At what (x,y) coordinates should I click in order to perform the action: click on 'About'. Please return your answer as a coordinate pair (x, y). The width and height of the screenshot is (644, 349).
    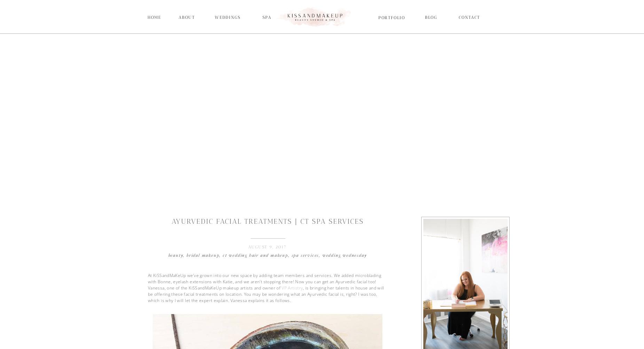
    Looking at the image, I should click on (187, 17).